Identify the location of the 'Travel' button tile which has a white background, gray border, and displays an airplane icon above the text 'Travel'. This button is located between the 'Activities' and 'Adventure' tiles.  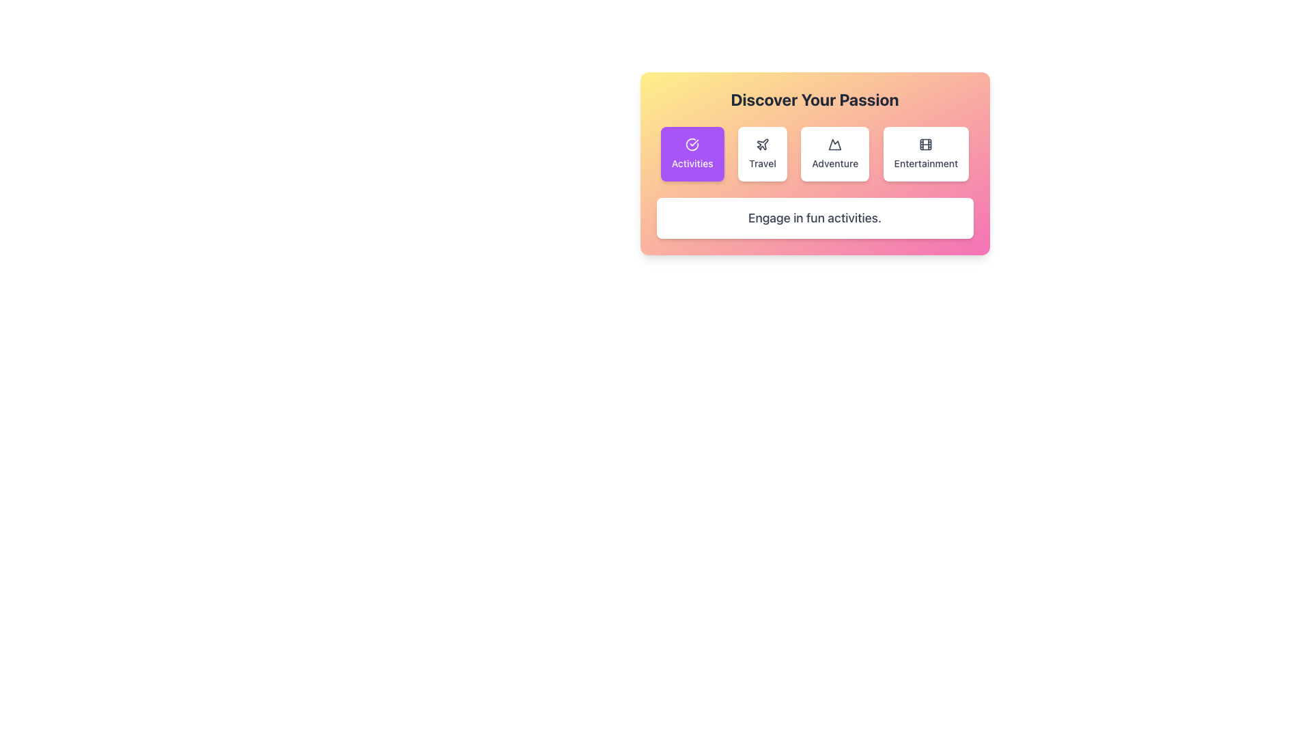
(761, 154).